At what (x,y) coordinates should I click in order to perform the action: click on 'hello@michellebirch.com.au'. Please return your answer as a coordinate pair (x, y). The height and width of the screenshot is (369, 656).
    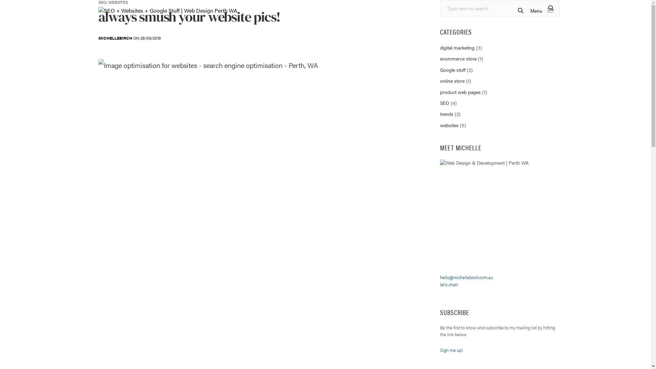
    Looking at the image, I should click on (440, 277).